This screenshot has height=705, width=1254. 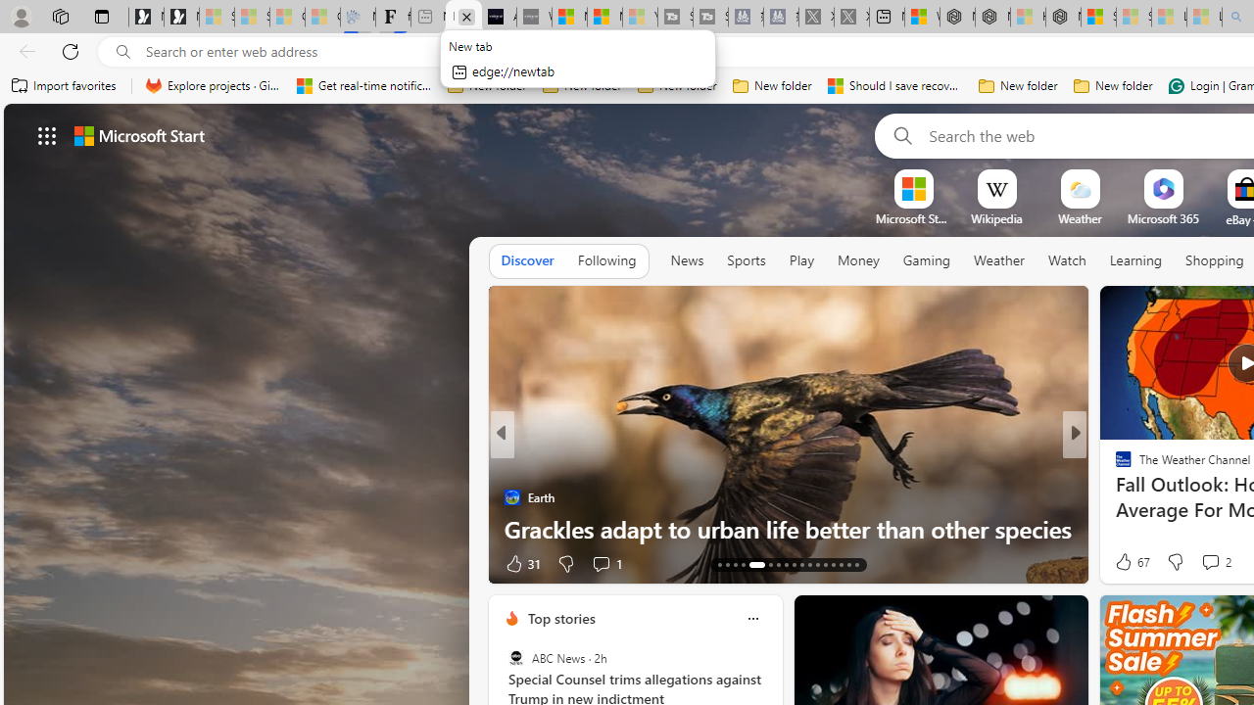 What do you see at coordinates (858, 259) in the screenshot?
I see `'Money'` at bounding box center [858, 259].